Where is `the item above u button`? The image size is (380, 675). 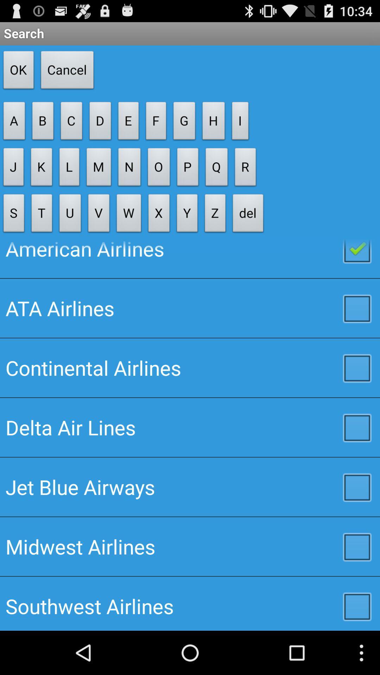 the item above u button is located at coordinates (99, 169).